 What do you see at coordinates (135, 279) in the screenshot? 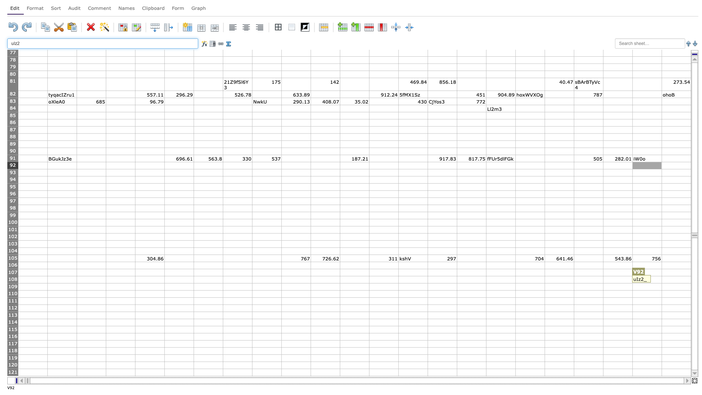
I see `right edge of D108` at bounding box center [135, 279].